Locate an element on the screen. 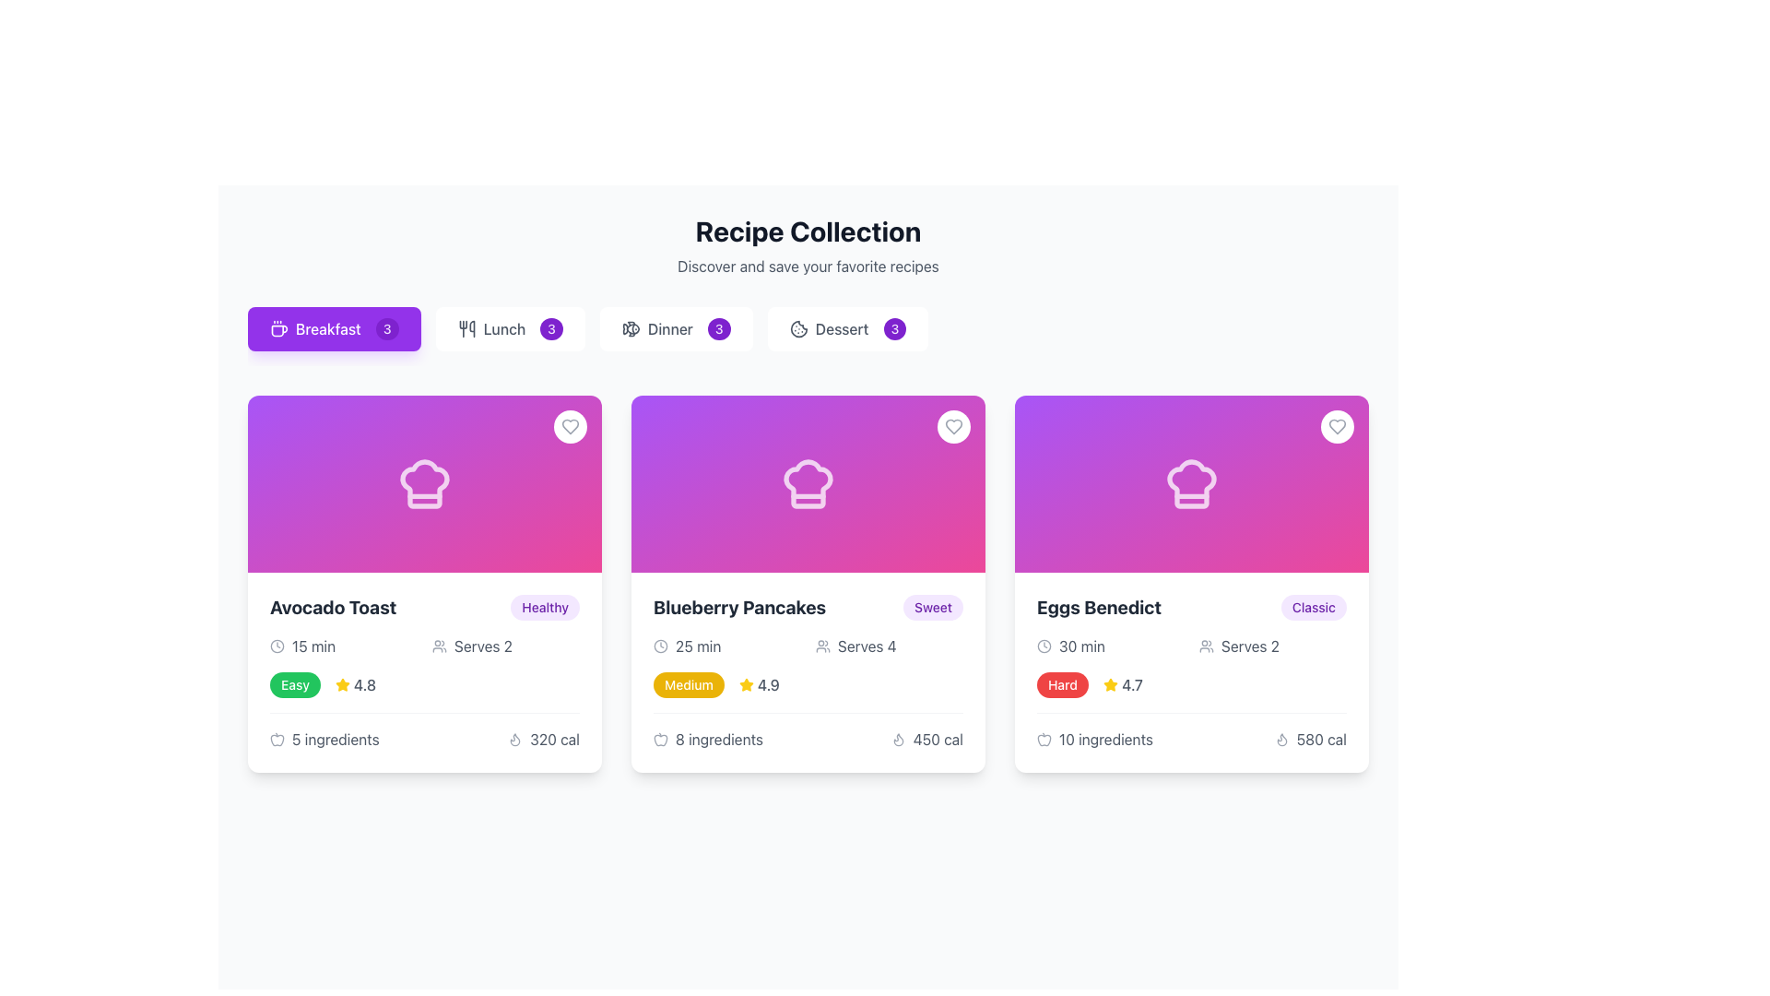 The image size is (1770, 996). the calorie count text label with the accompanying icon located in the lower-right corner of the 'Avocado Toast' card, below the rating and ingredient information is located at coordinates (543, 739).